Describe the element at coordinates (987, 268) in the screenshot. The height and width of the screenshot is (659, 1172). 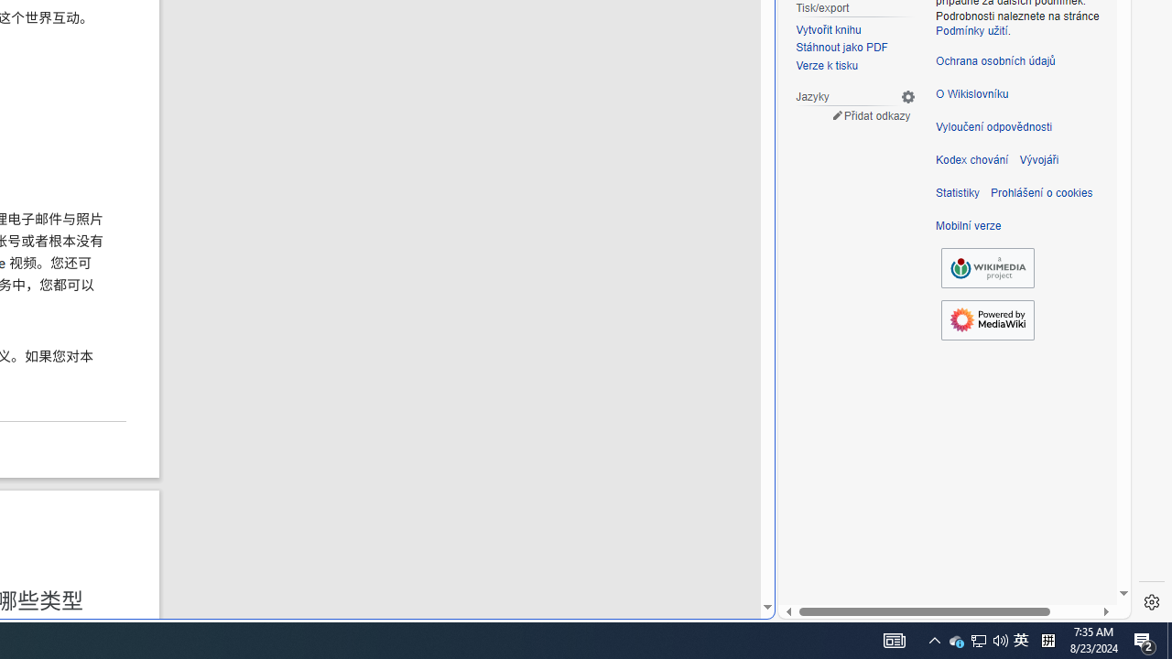
I see `'Wikimedia Foundation'` at that location.